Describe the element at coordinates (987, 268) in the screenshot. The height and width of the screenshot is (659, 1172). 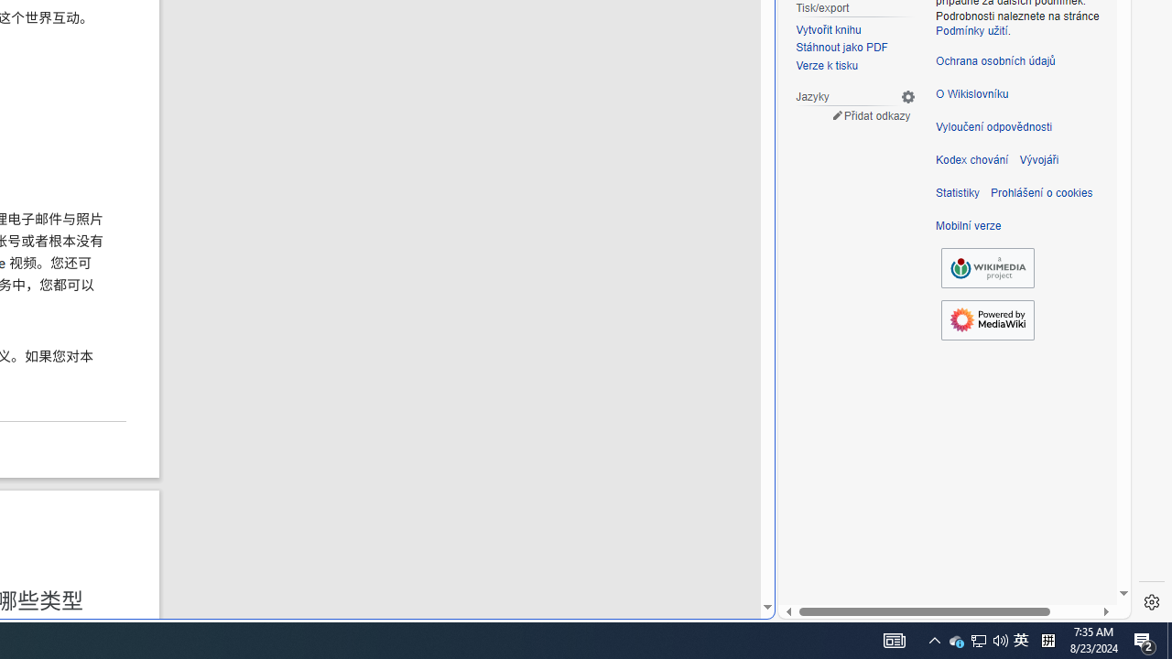
I see `'Wikimedia Foundation'` at that location.